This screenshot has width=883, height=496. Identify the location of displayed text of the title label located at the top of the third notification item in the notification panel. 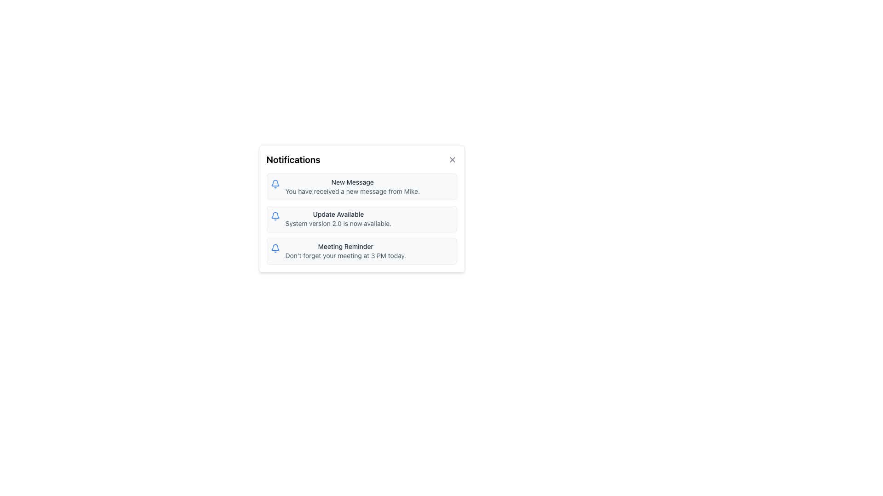
(345, 246).